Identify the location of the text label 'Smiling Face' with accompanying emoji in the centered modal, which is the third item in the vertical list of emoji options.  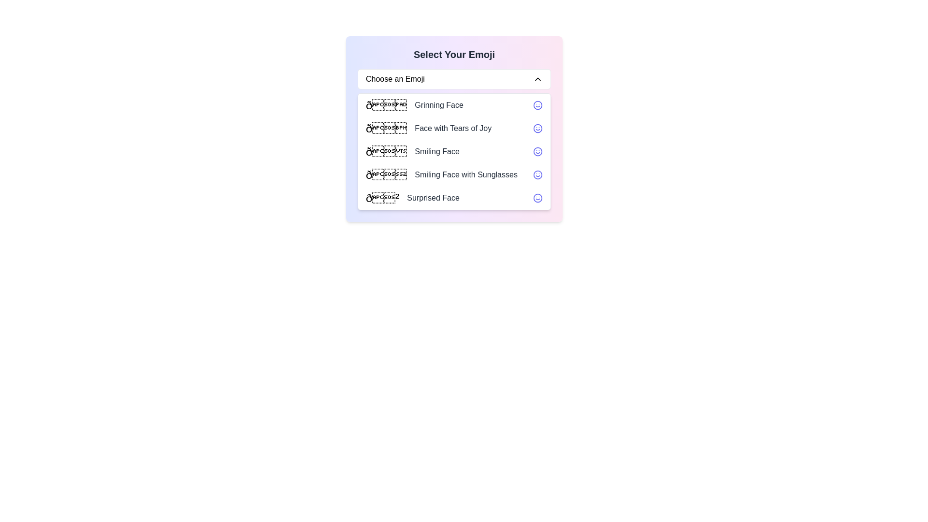
(412, 151).